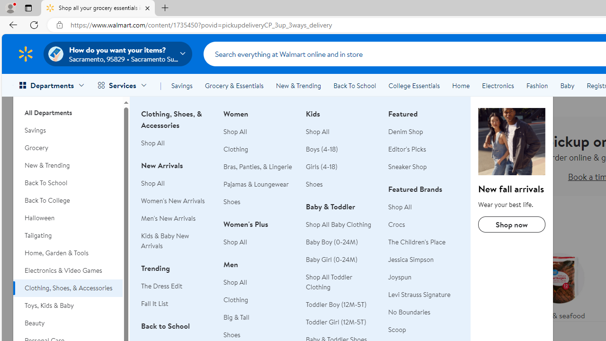 This screenshot has height=341, width=606. Describe the element at coordinates (259, 184) in the screenshot. I see `'Pajamas & Loungewear'` at that location.